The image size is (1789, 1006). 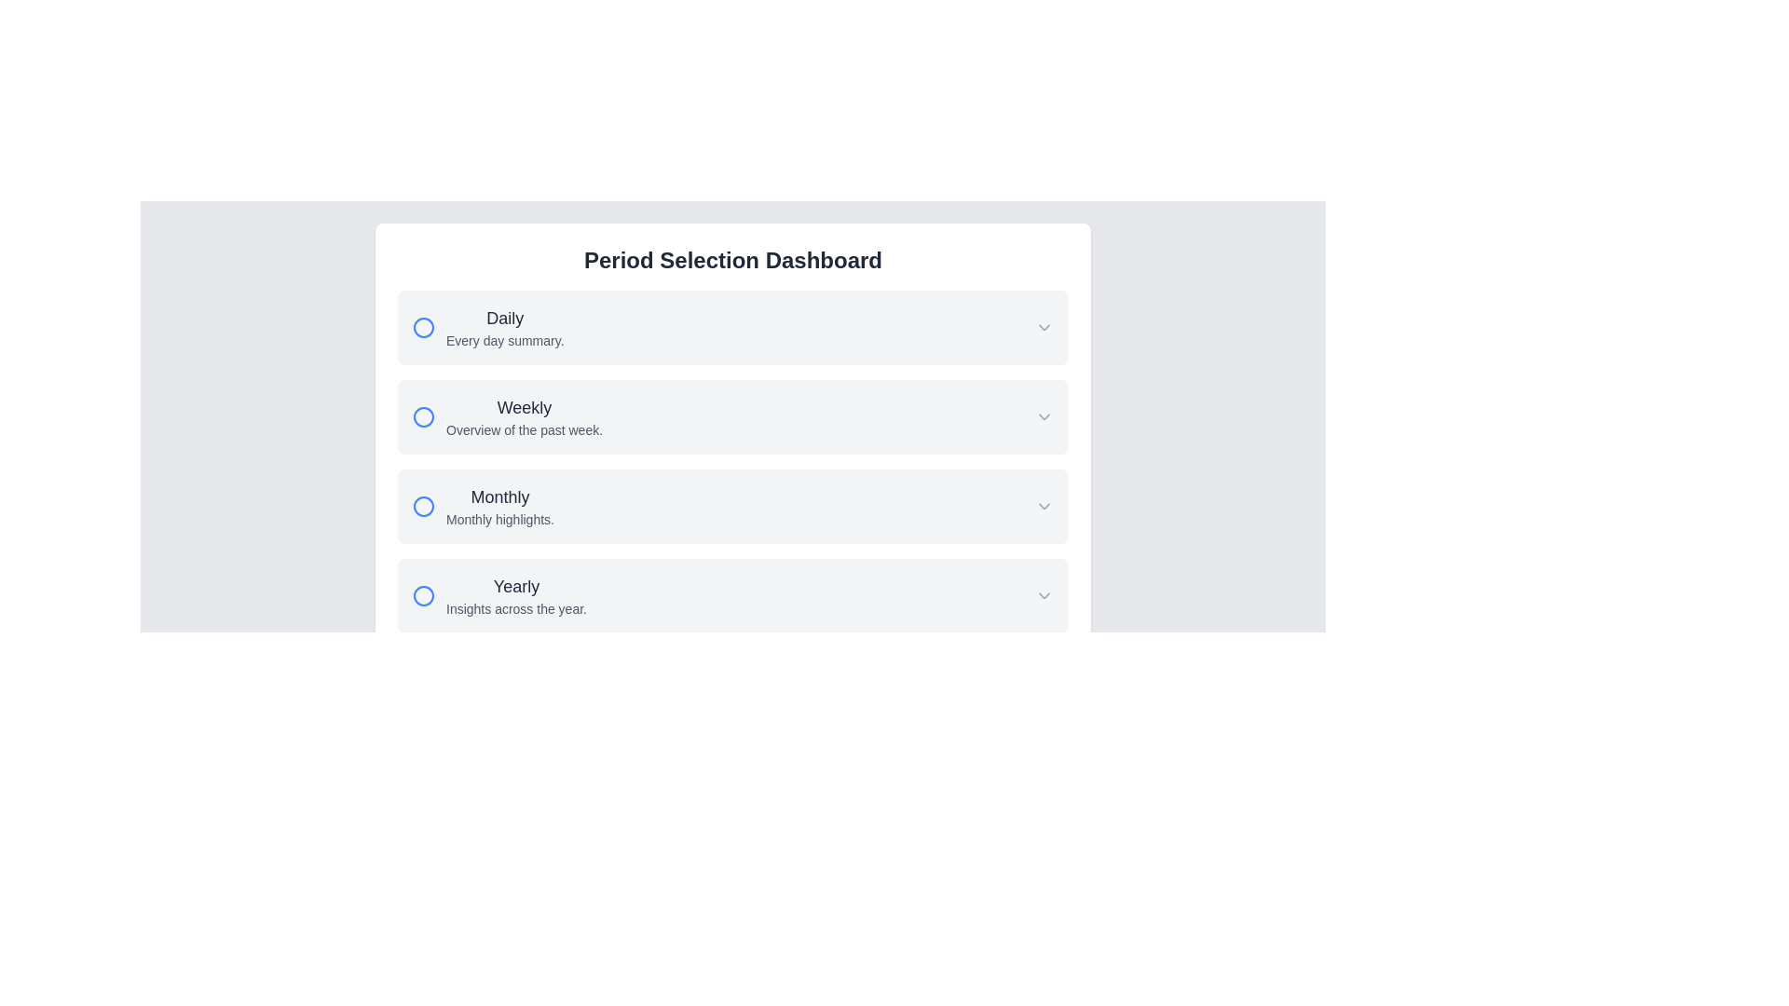 I want to click on the 'Weekly' selectable option in the 'Period Selection Dashboard', so click(x=732, y=439).